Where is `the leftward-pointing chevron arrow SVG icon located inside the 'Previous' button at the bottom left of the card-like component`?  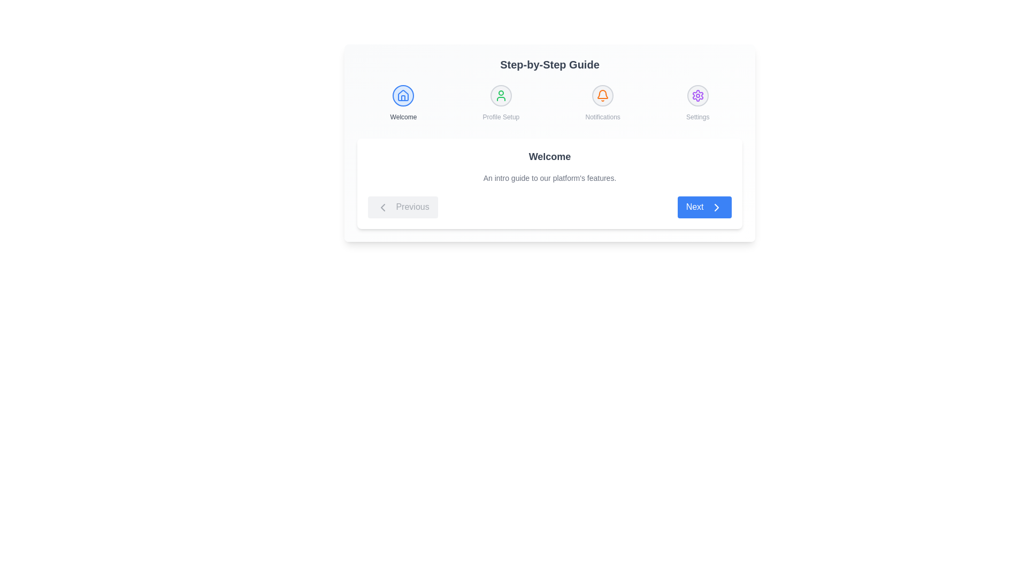
the leftward-pointing chevron arrow SVG icon located inside the 'Previous' button at the bottom left of the card-like component is located at coordinates (382, 207).